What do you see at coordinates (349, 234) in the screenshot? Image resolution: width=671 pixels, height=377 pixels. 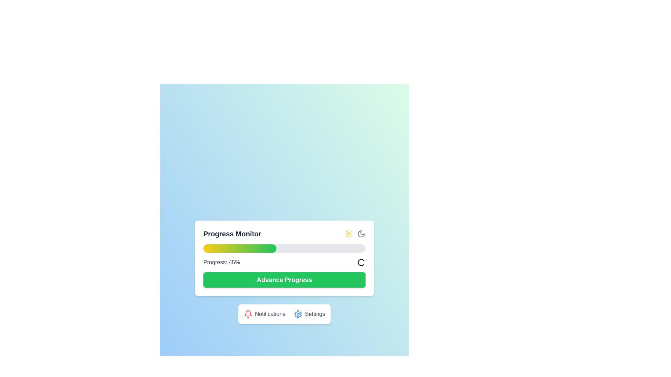 I see `the sun icon located on the right side of the panel header` at bounding box center [349, 234].